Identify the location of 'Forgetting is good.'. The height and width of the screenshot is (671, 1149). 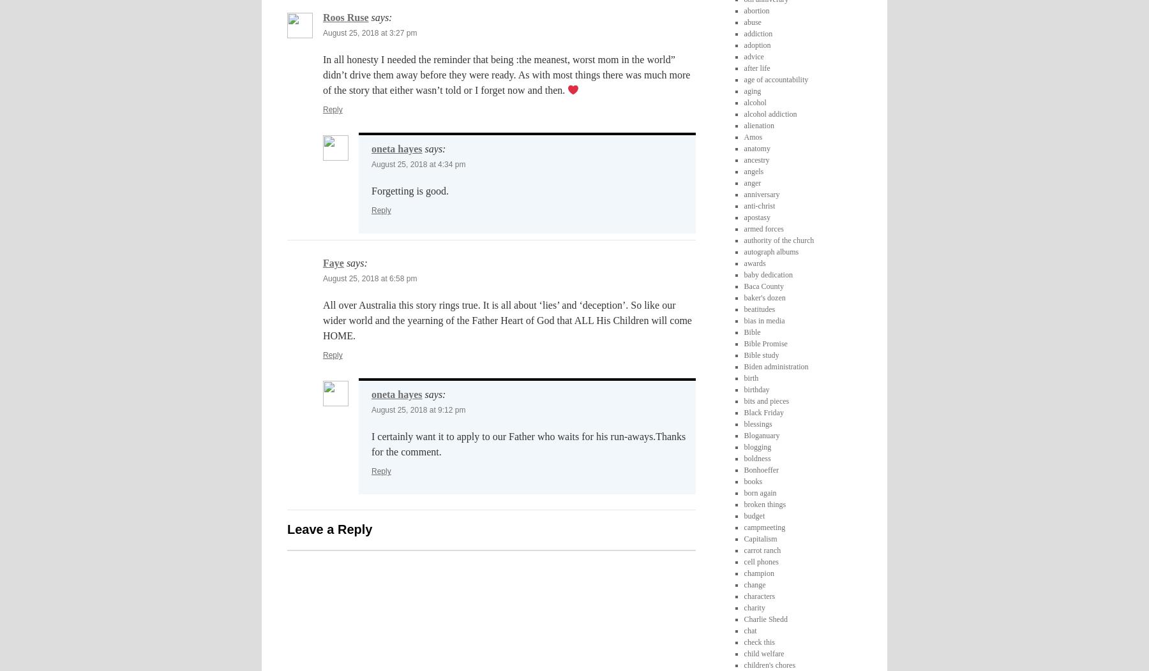
(410, 191).